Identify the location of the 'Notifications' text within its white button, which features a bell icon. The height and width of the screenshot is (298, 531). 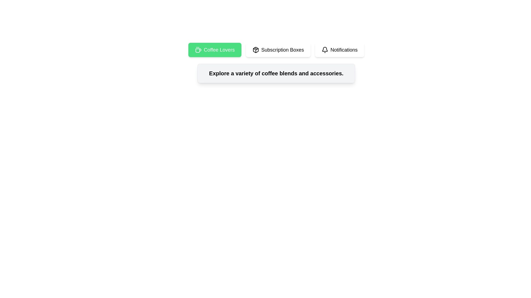
(343, 50).